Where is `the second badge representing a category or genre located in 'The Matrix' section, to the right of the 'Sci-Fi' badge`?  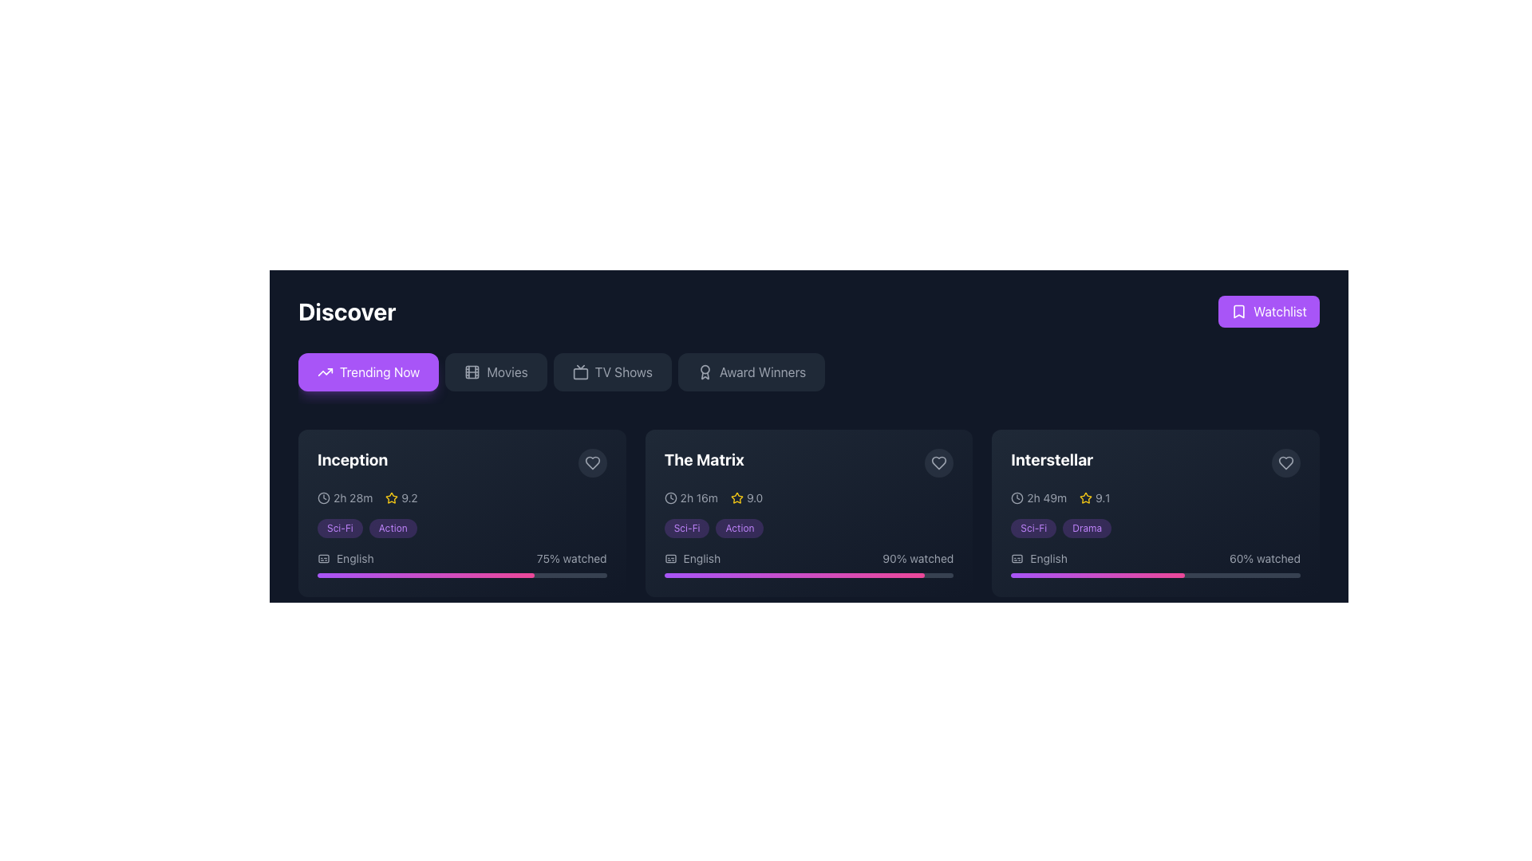
the second badge representing a category or genre located in 'The Matrix' section, to the right of the 'Sci-Fi' badge is located at coordinates (739, 529).